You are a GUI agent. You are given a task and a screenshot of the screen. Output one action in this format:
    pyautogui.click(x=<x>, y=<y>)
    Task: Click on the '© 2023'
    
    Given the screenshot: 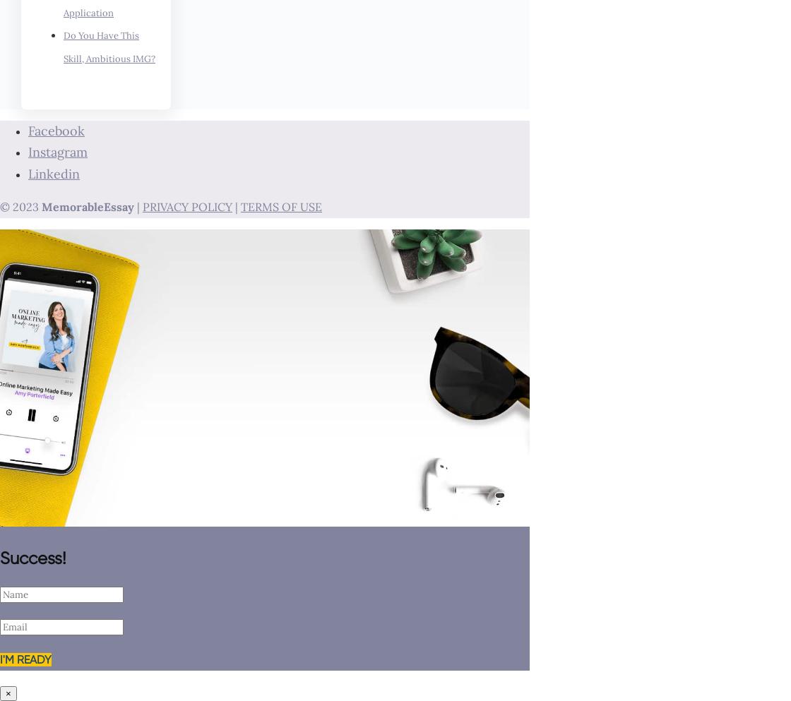 What is the action you would take?
    pyautogui.click(x=20, y=207)
    